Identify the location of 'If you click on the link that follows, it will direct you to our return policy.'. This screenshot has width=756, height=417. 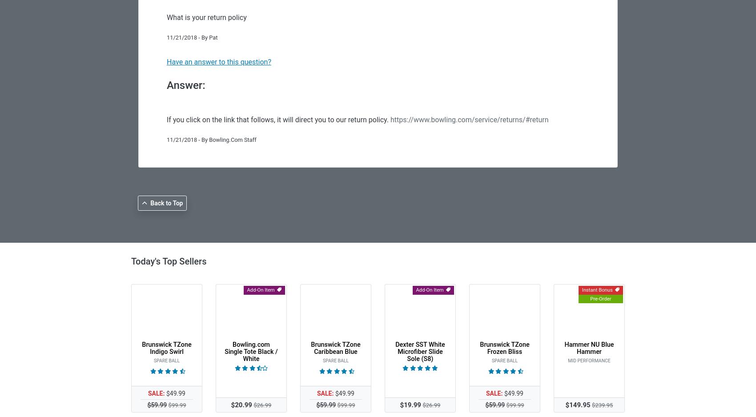
(166, 119).